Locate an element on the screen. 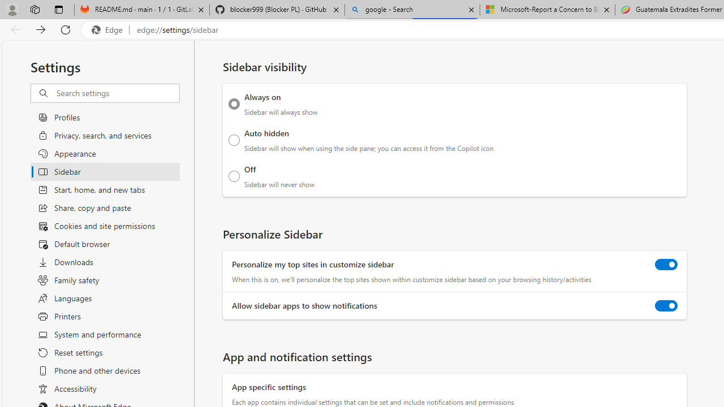 Image resolution: width=724 pixels, height=407 pixels. 'Allow sidebar apps to show notifications' is located at coordinates (666, 306).